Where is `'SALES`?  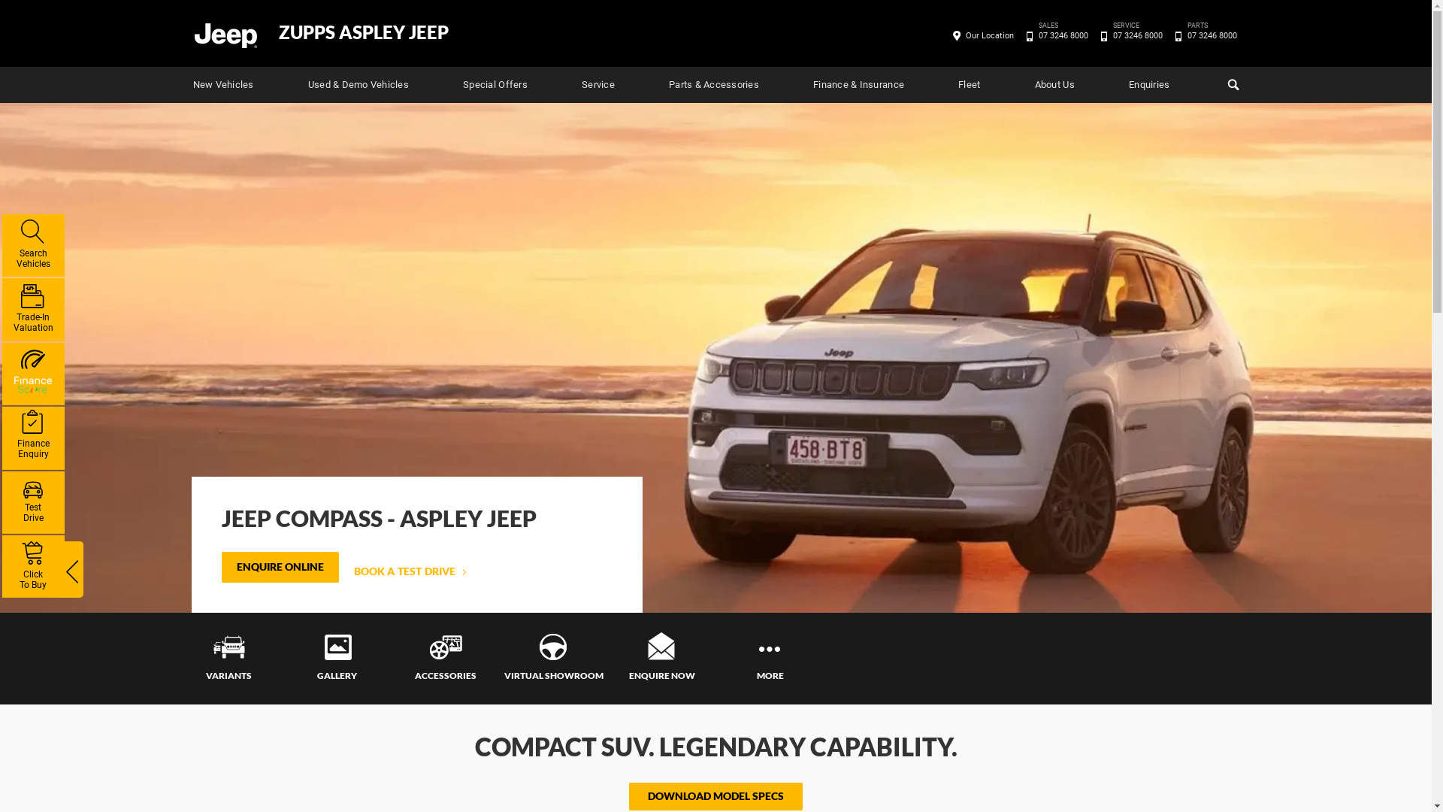 'SALES is located at coordinates (1062, 35).